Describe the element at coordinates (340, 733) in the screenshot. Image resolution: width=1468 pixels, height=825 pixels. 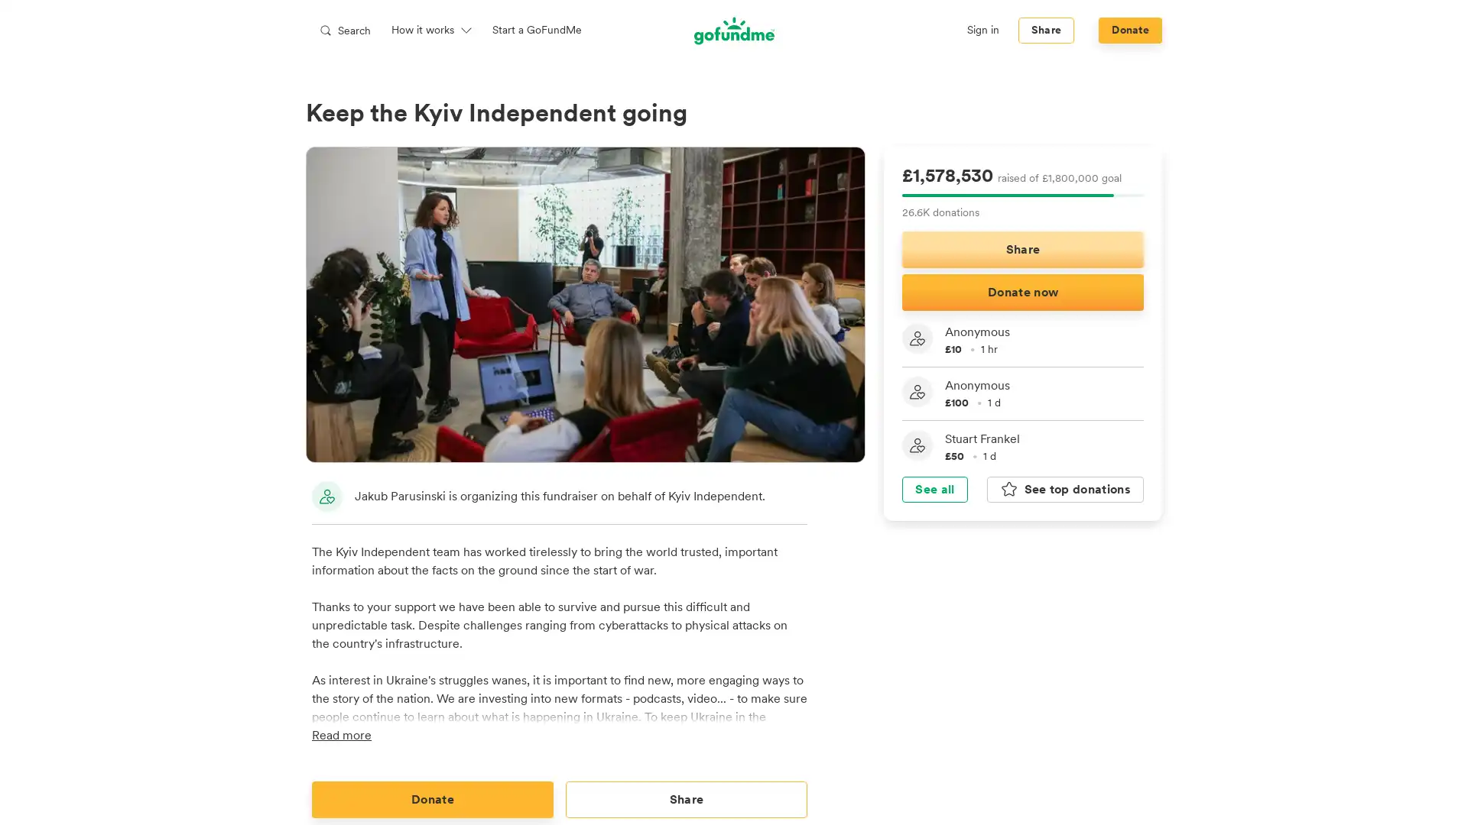
I see `Read more` at that location.